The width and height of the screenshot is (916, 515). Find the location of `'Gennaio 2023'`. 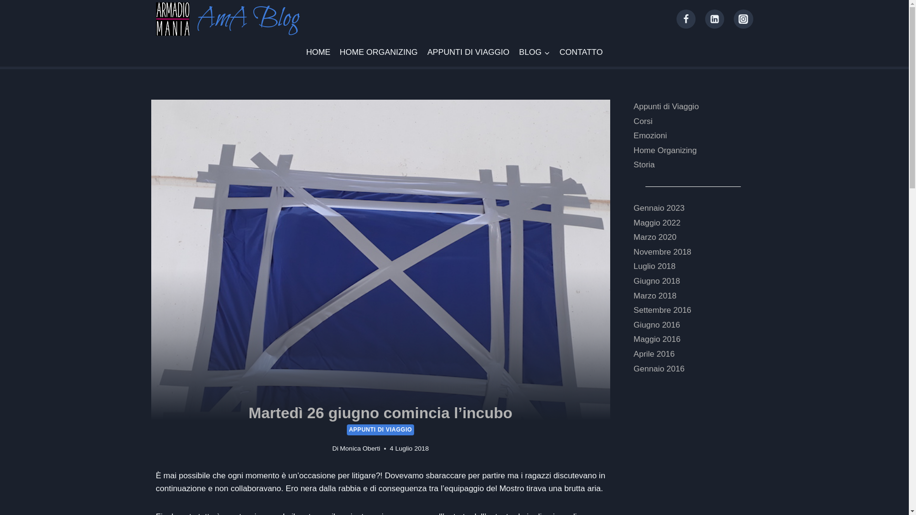

'Gennaio 2023' is located at coordinates (658, 207).